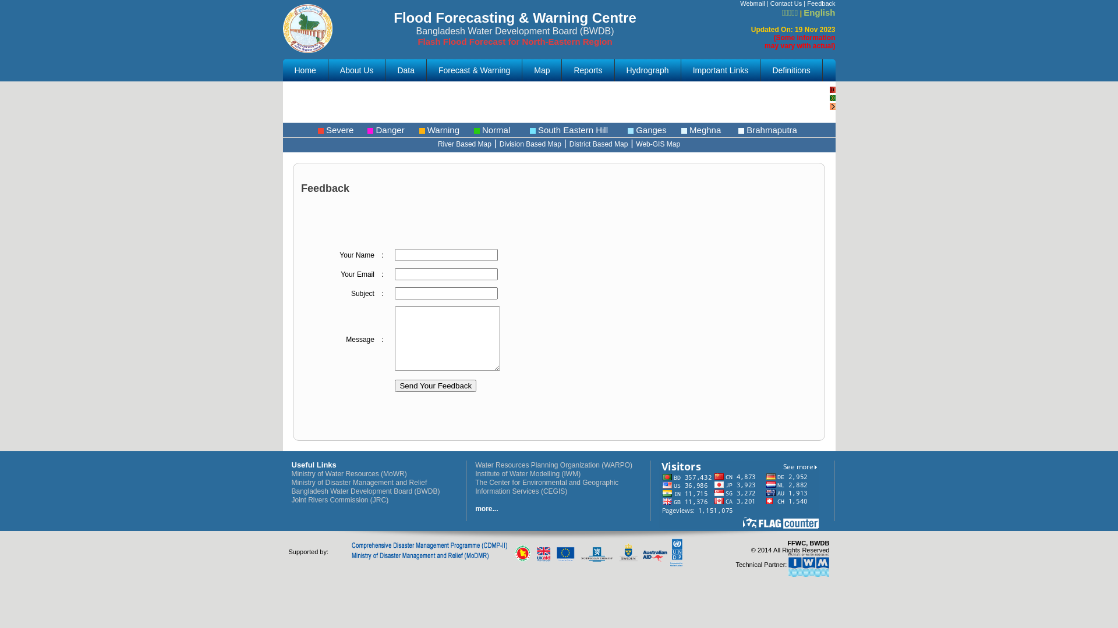 The height and width of the screenshot is (628, 1118). What do you see at coordinates (474, 70) in the screenshot?
I see `'Forecast & Warning'` at bounding box center [474, 70].